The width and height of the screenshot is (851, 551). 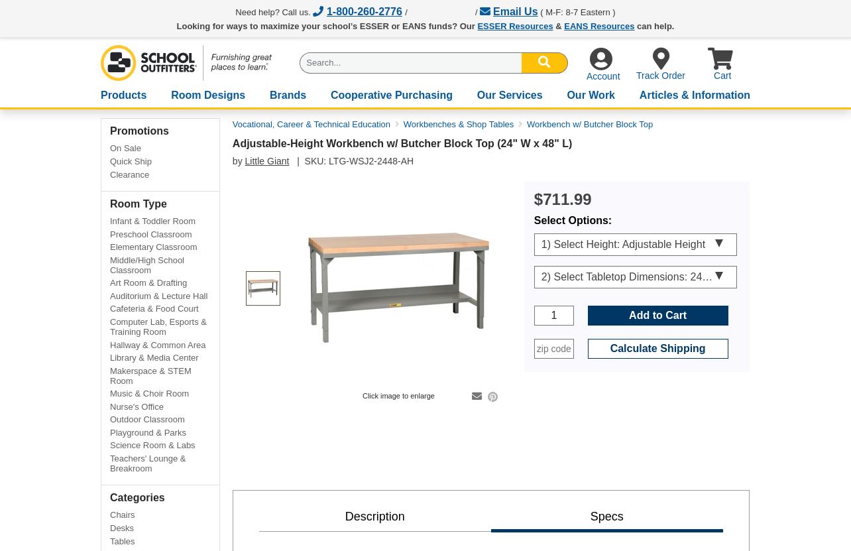 What do you see at coordinates (158, 294) in the screenshot?
I see `'Auditorium & Lecture Hall'` at bounding box center [158, 294].